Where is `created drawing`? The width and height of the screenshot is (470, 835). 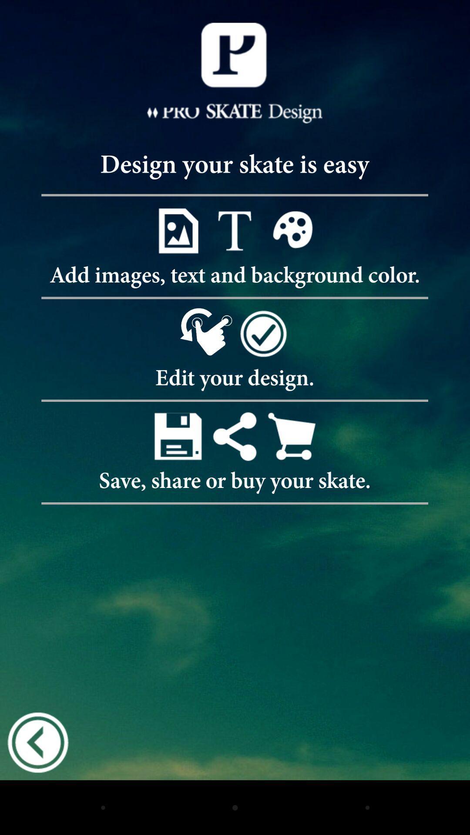
created drawing is located at coordinates (177, 436).